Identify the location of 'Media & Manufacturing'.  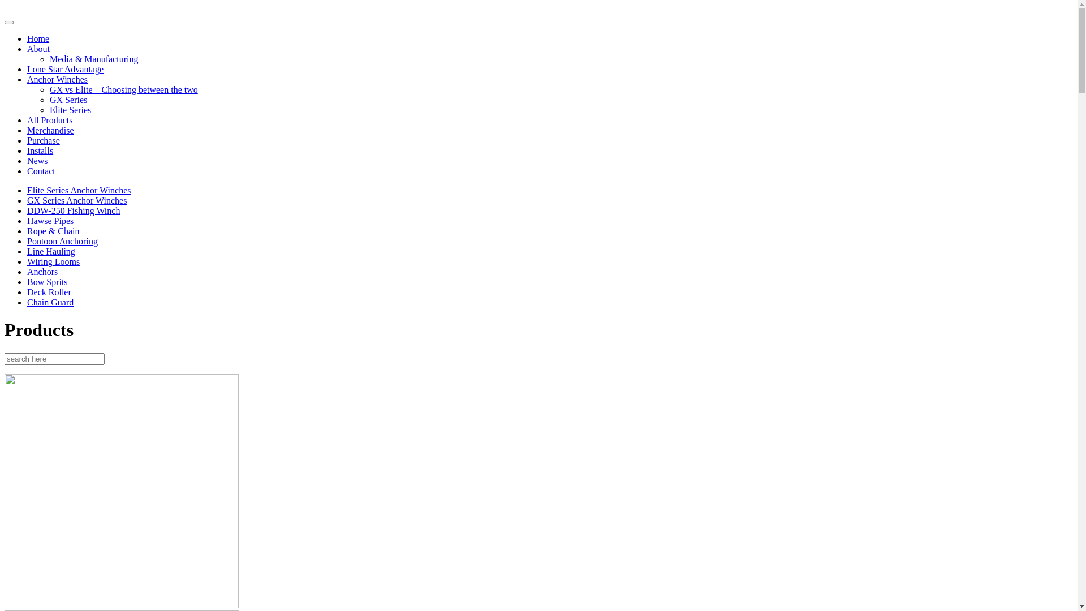
(49, 59).